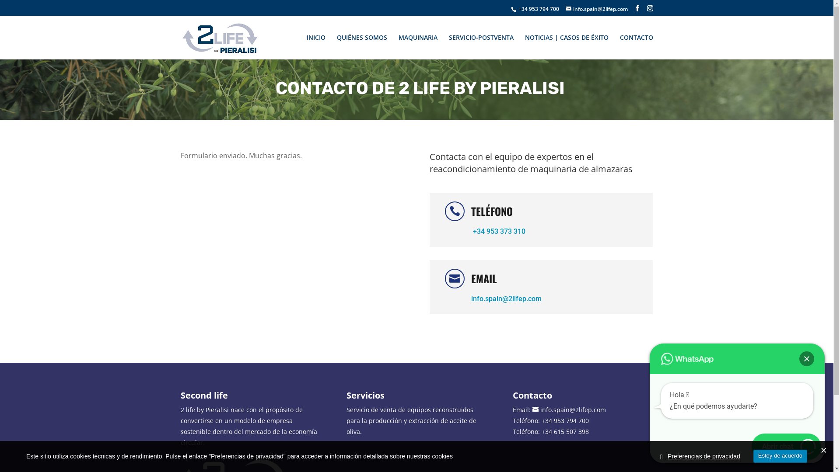 The height and width of the screenshot is (472, 840). Describe the element at coordinates (480, 45) in the screenshot. I see `'SERVICIO-POSTVENTA'` at that location.